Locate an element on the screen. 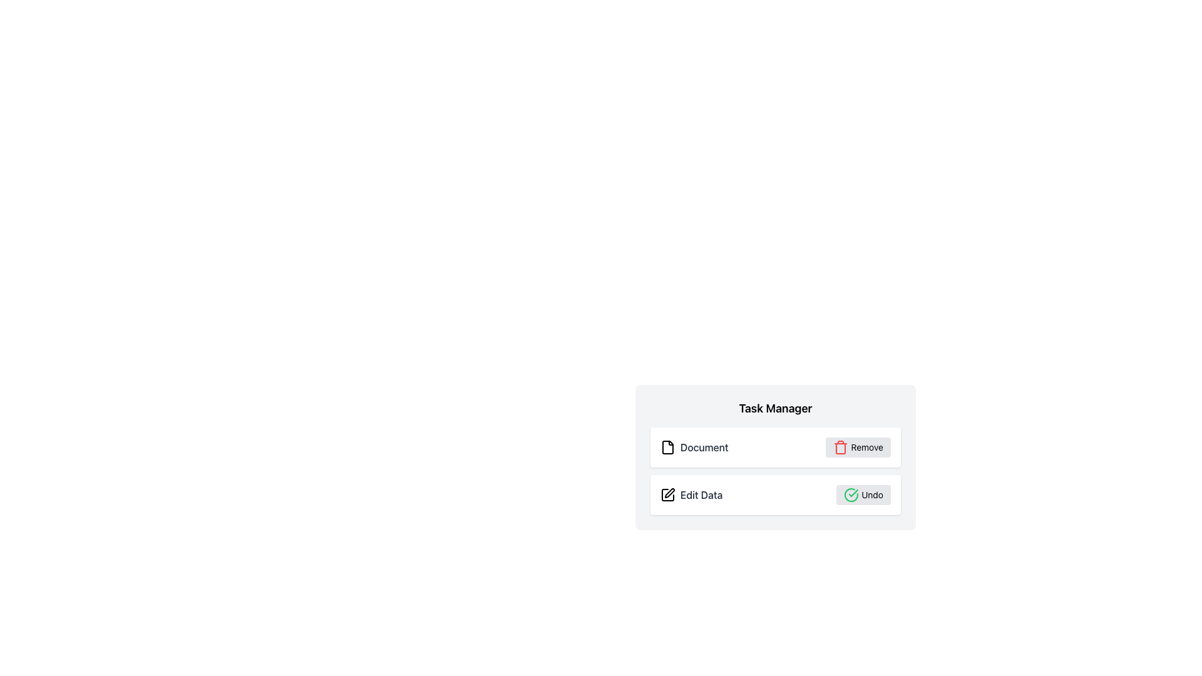 This screenshot has width=1202, height=676. the 'Undo' button with a light gray background and green checkmark icon located in the lower right corner of the 'Task Manager' card for accessibility navigation is located at coordinates (863, 494).